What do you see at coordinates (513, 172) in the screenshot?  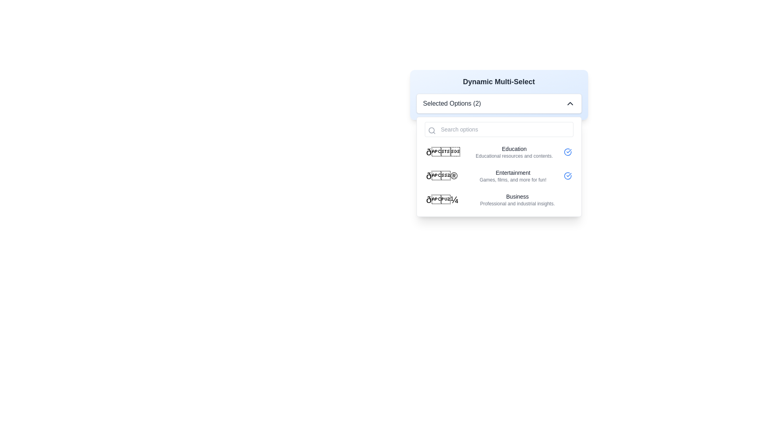 I see `the 'Entertainment' text label in the multi-select dropdown list, which is styled in bold dark gray against a light background and is the second item in the list` at bounding box center [513, 172].